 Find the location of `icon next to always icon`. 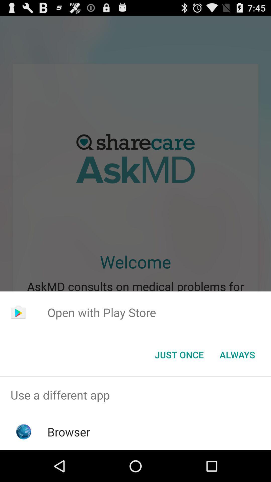

icon next to always icon is located at coordinates (179, 354).